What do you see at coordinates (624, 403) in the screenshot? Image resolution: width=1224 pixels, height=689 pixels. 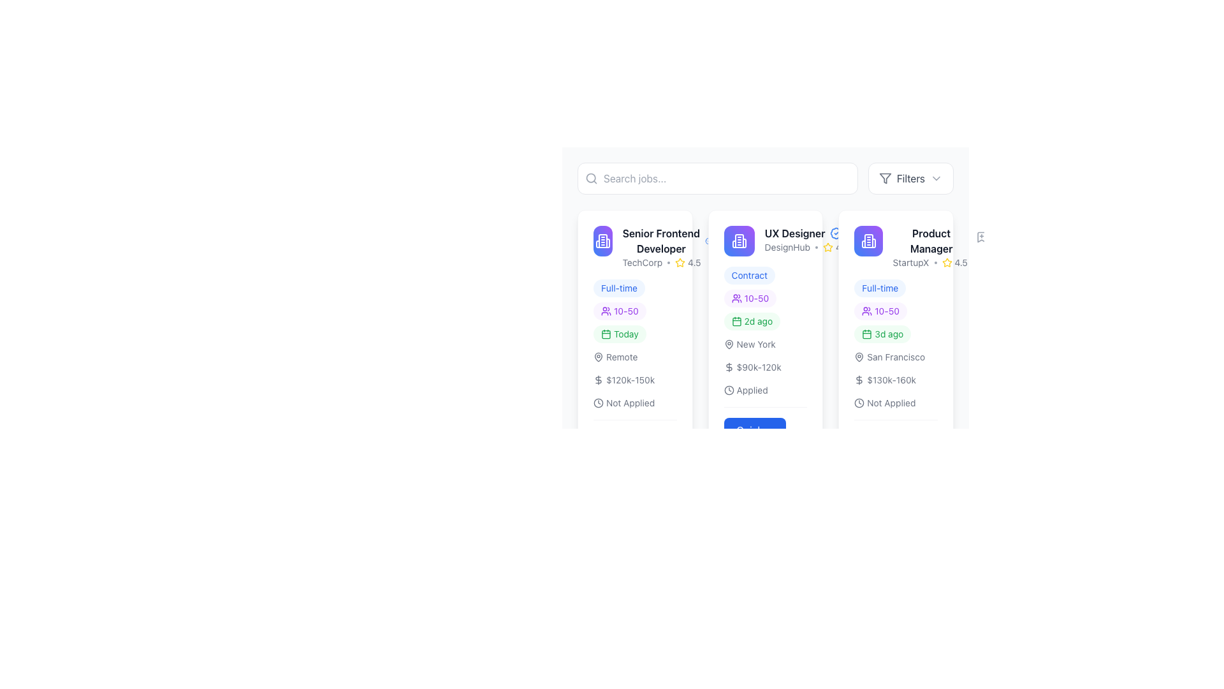 I see `the content of the Label with an icon indicating the application status for the job listing of 'Senior Frontend Developer', located at the bottom of the card under the salary range display` at bounding box center [624, 403].